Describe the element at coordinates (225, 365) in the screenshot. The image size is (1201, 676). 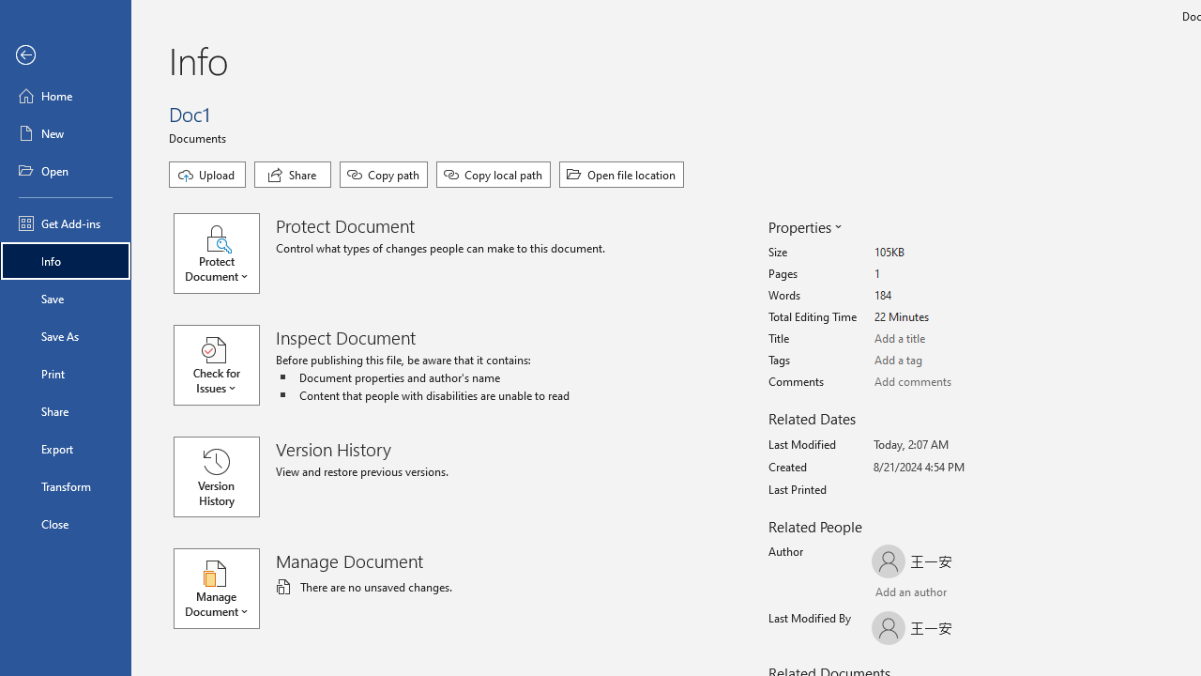
I see `'Check for Issues'` at that location.